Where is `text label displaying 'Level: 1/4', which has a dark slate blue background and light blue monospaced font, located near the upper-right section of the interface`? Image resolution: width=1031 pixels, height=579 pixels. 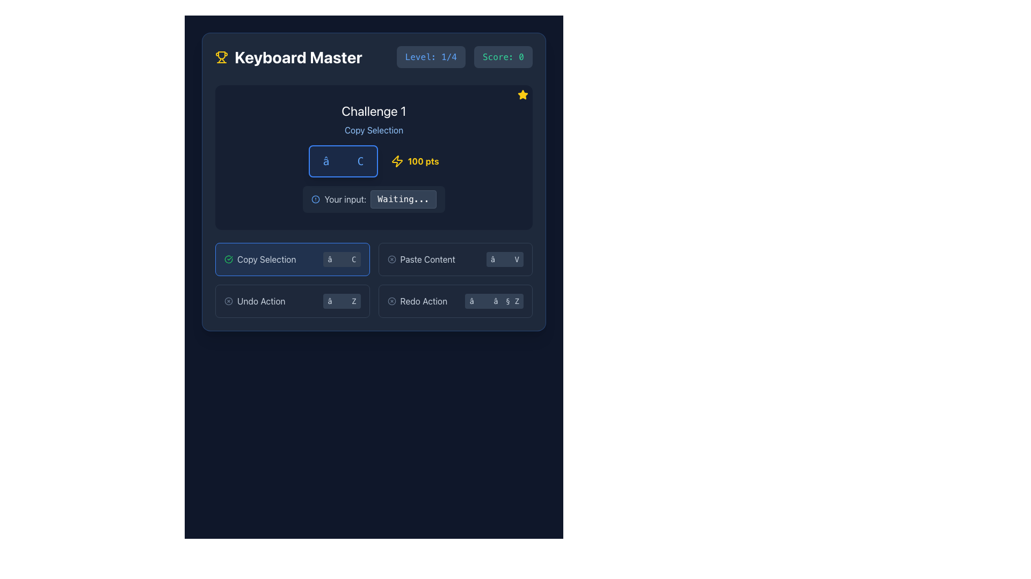
text label displaying 'Level: 1/4', which has a dark slate blue background and light blue monospaced font, located near the upper-right section of the interface is located at coordinates (431, 57).